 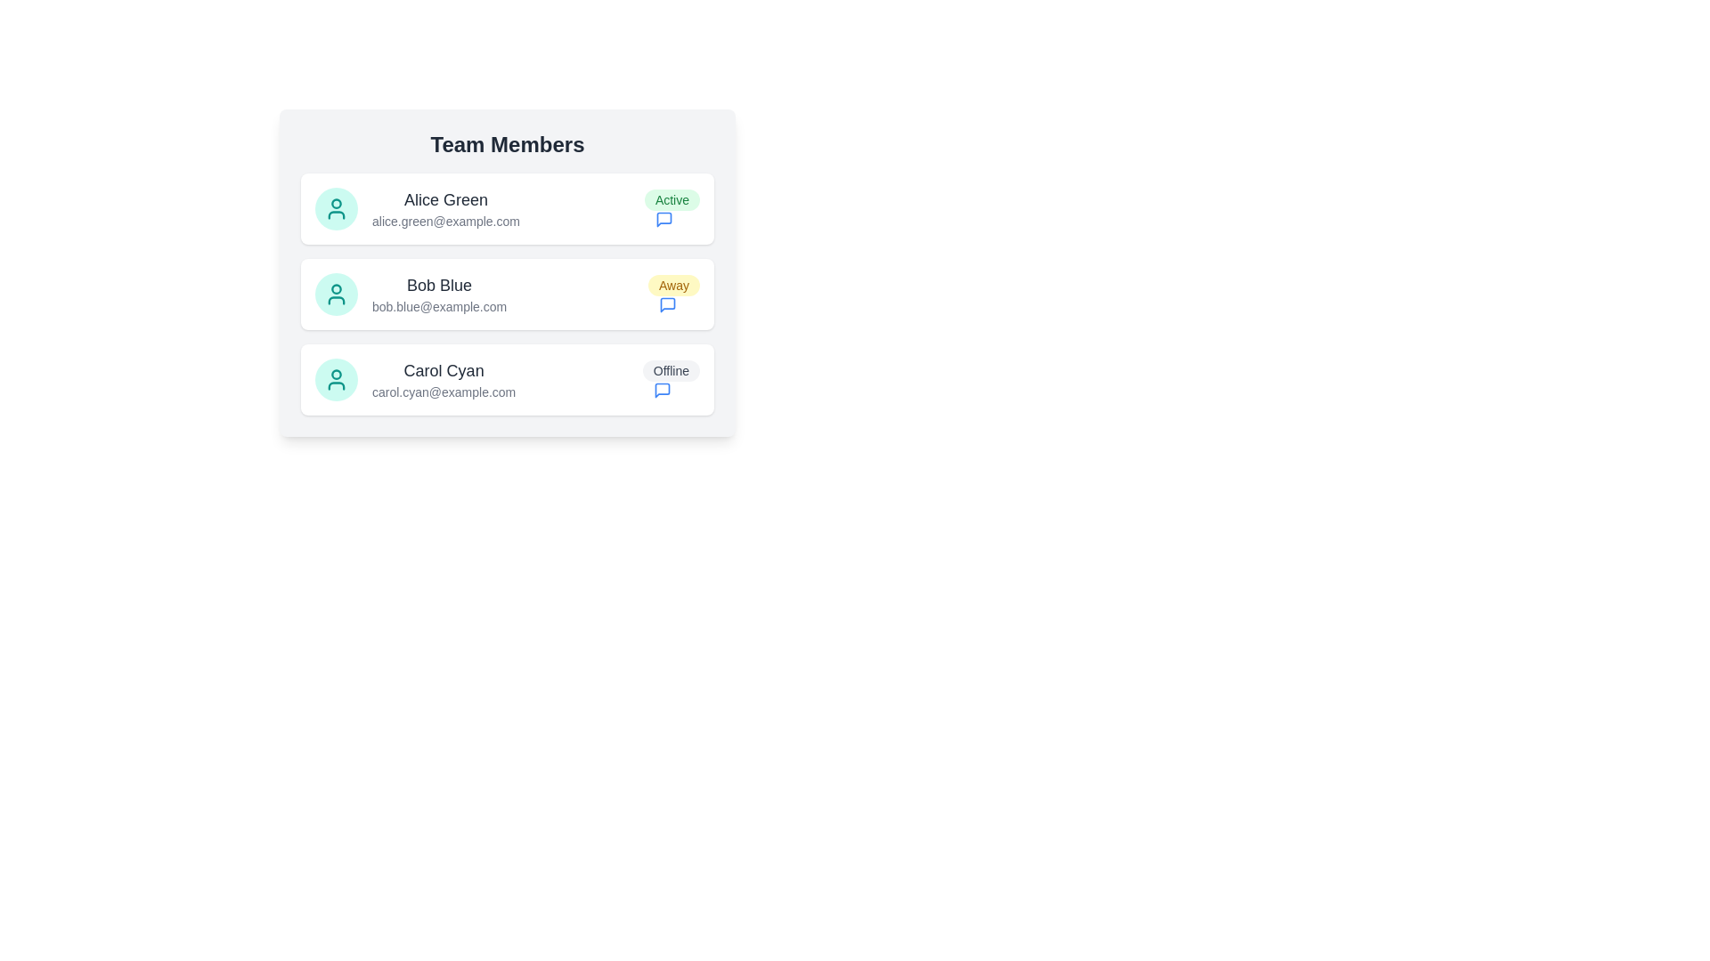 What do you see at coordinates (337, 294) in the screenshot?
I see `the circular profile picture placeholder with a light teal background next to 'Bob Blue' in the 'Team Members' list` at bounding box center [337, 294].